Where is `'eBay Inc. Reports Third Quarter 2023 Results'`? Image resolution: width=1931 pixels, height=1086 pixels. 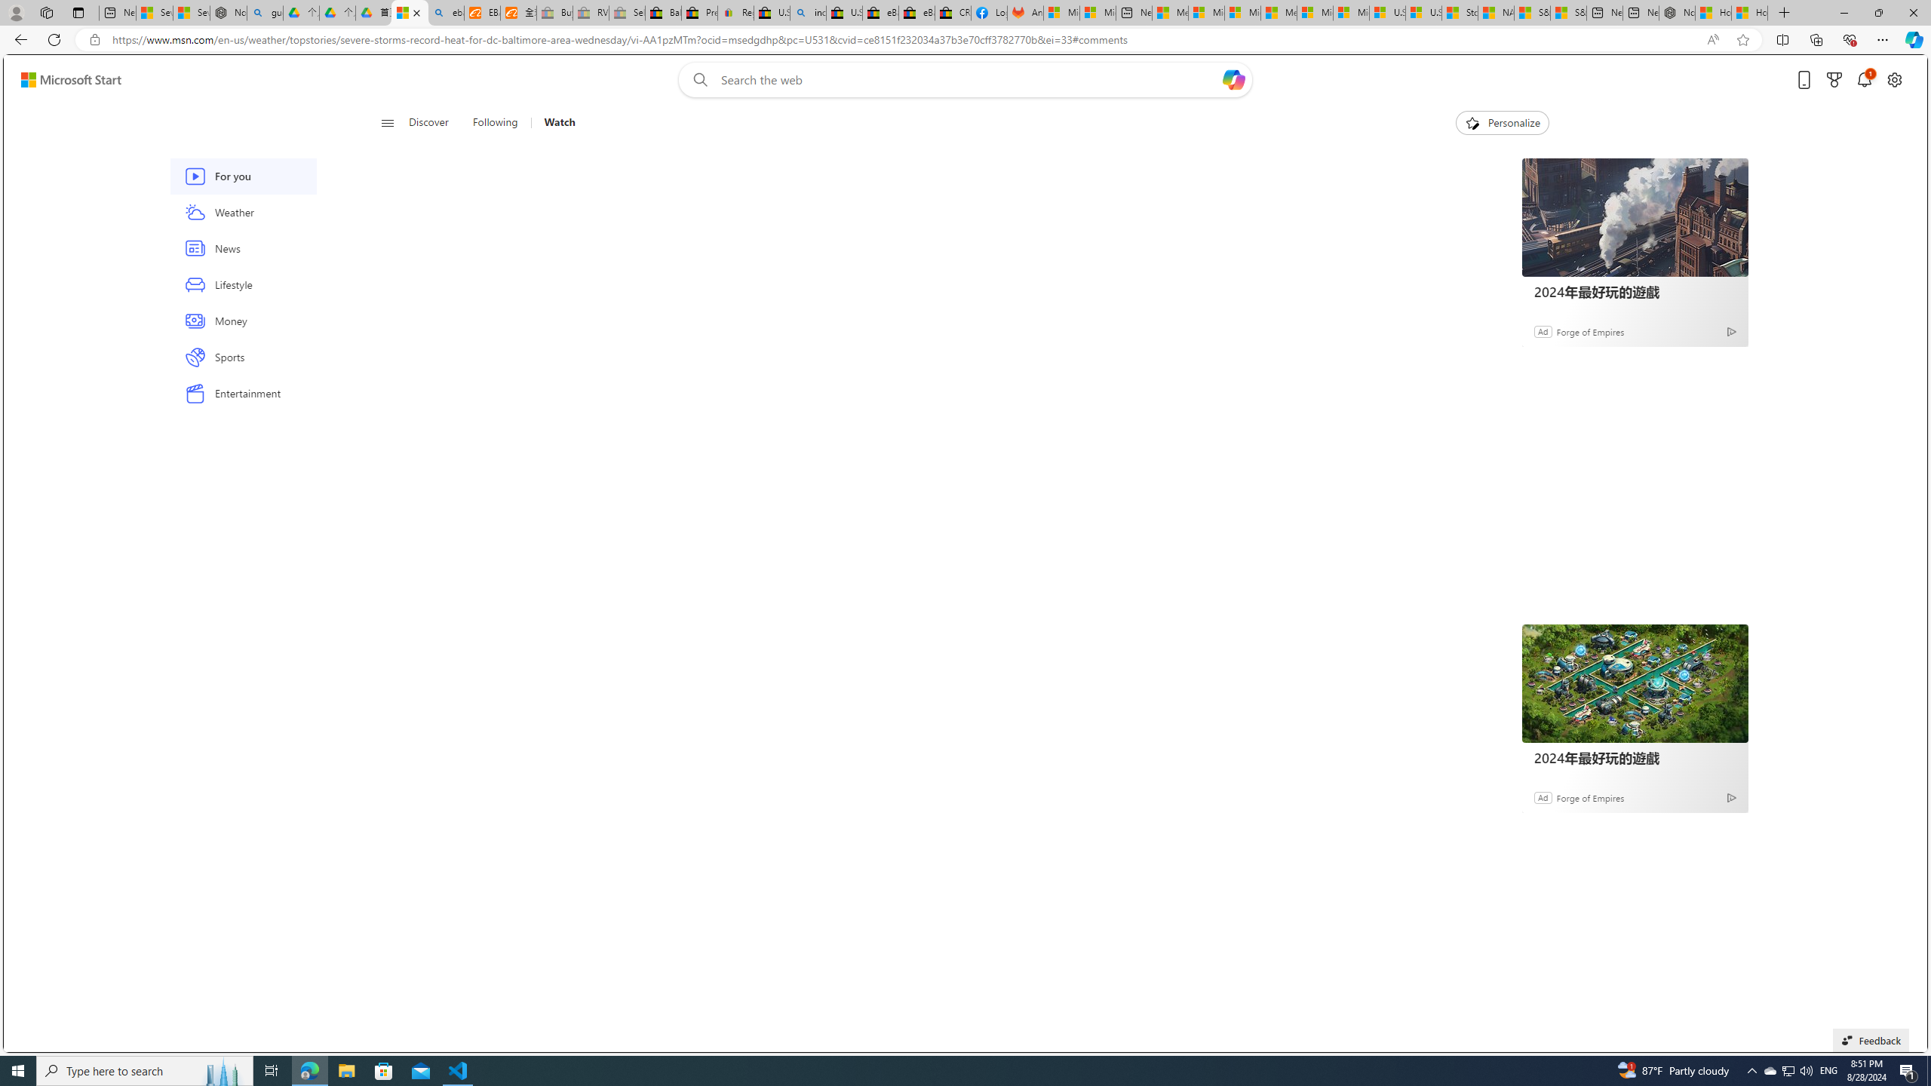 'eBay Inc. Reports Third Quarter 2023 Results' is located at coordinates (916, 12).